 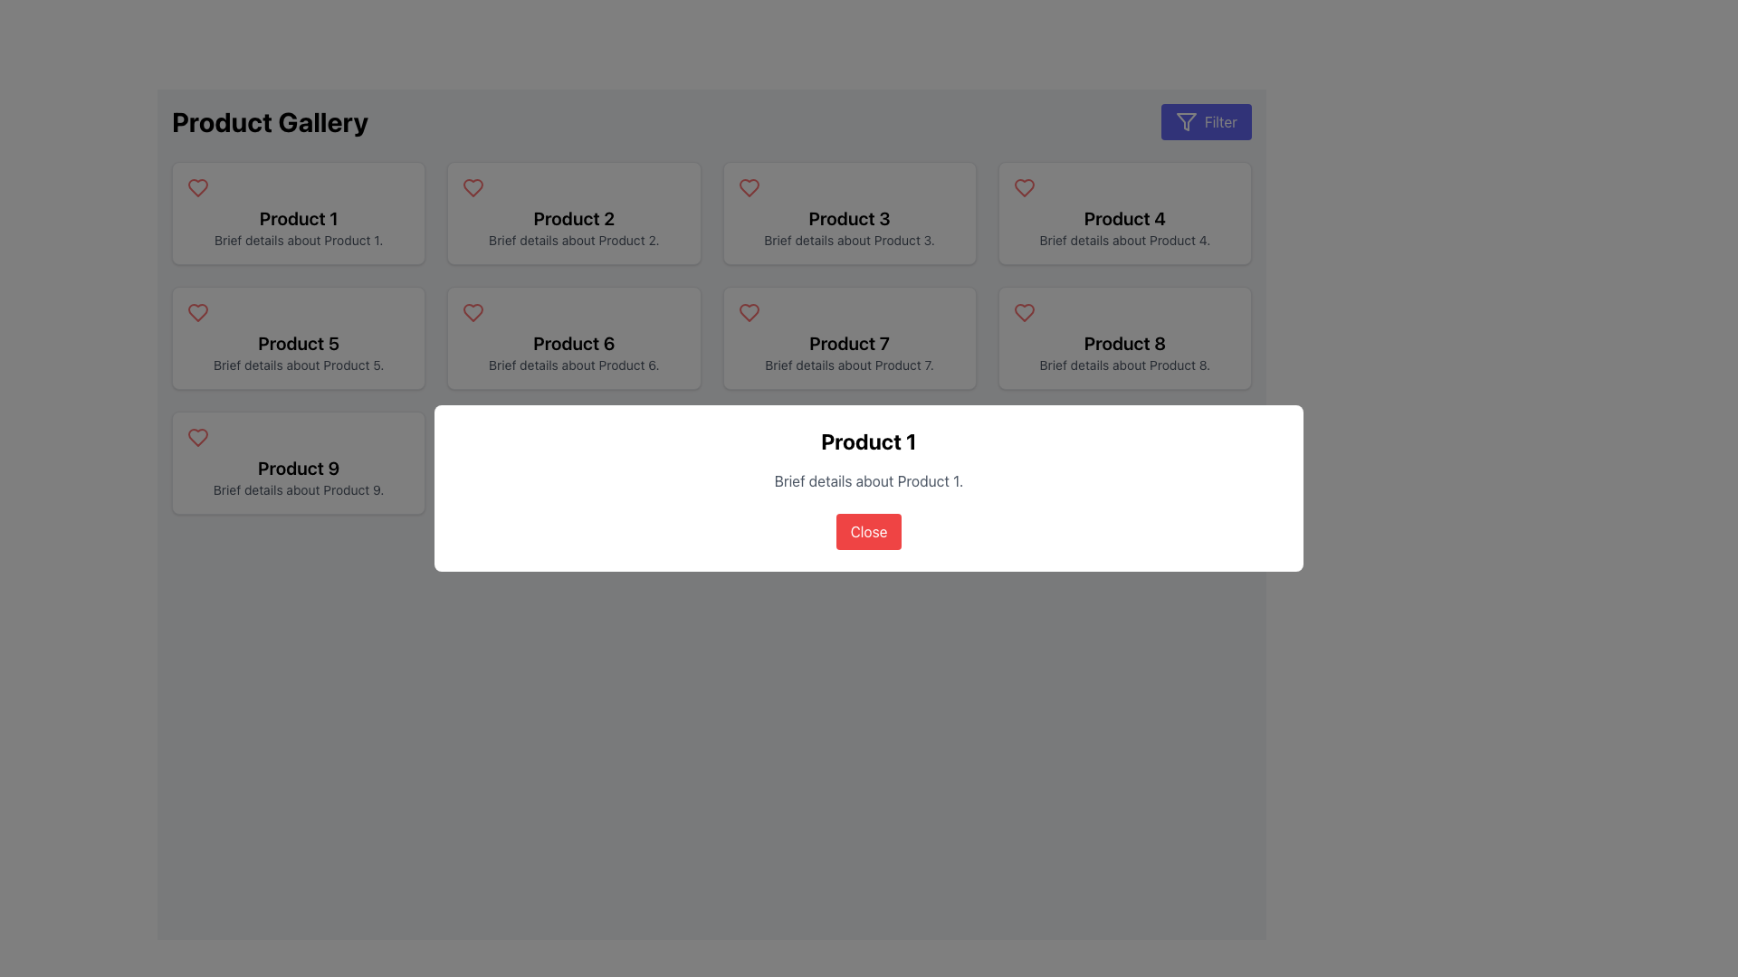 What do you see at coordinates (749, 188) in the screenshot?
I see `the red heart icon located in the top-right corner of the Product 3 card to favorite or unfavorite the corresponding product` at bounding box center [749, 188].